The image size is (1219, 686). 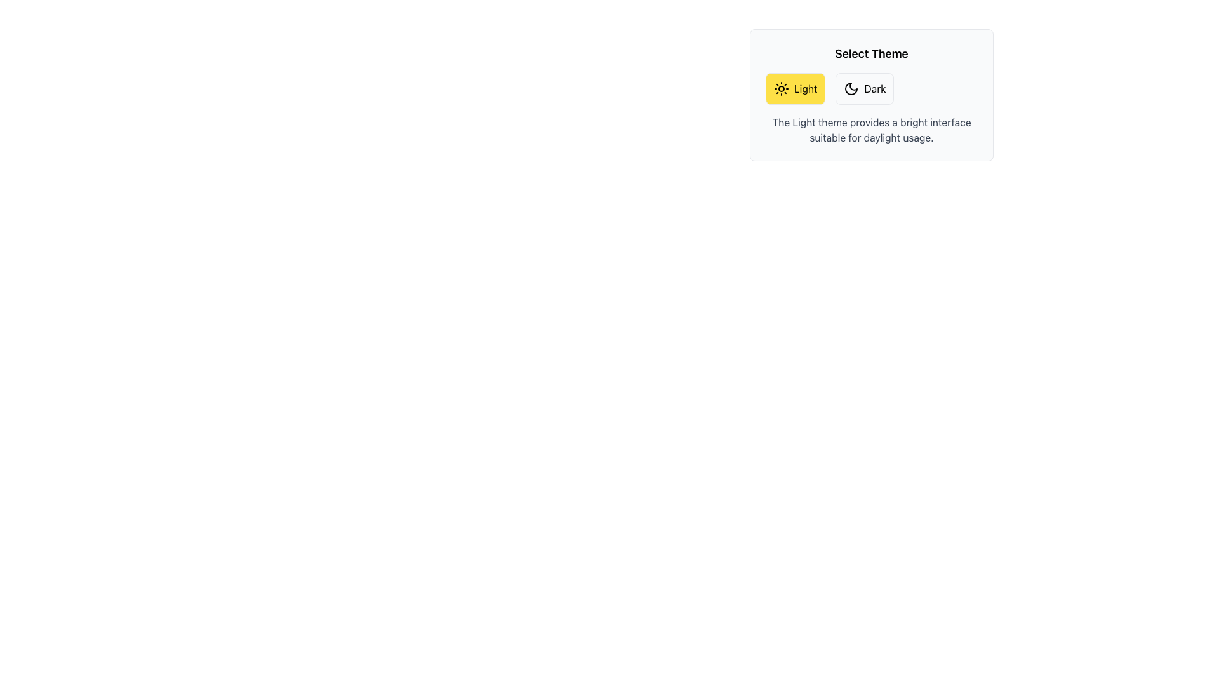 What do you see at coordinates (780, 88) in the screenshot?
I see `the icon within the 'Light' button in the 'Select Theme' section` at bounding box center [780, 88].